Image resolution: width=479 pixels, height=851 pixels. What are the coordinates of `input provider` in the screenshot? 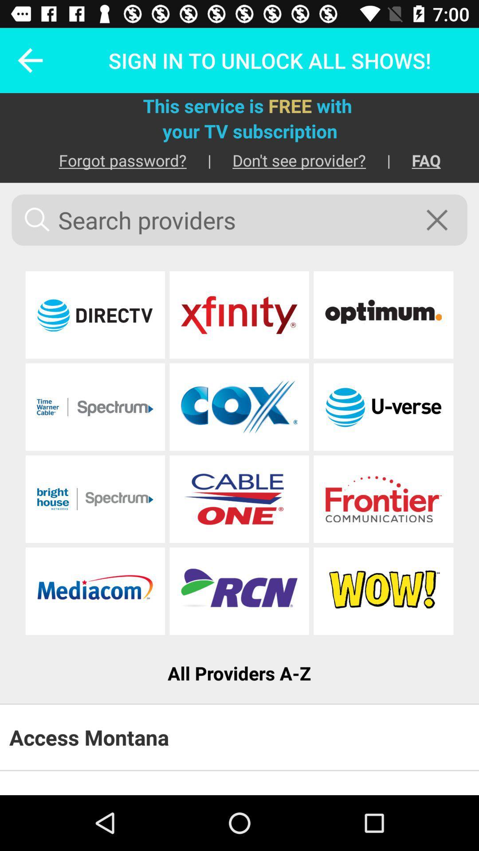 It's located at (95, 406).